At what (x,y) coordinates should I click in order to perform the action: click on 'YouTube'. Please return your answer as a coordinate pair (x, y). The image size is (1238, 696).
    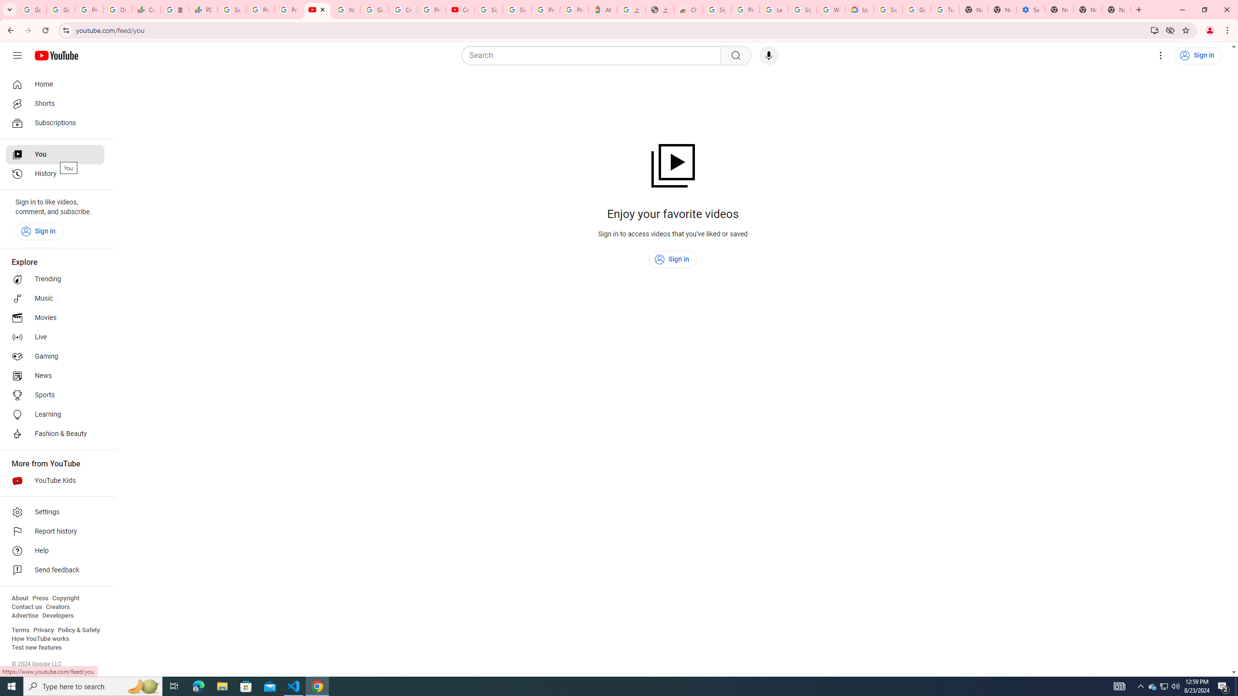
    Looking at the image, I should click on (345, 9).